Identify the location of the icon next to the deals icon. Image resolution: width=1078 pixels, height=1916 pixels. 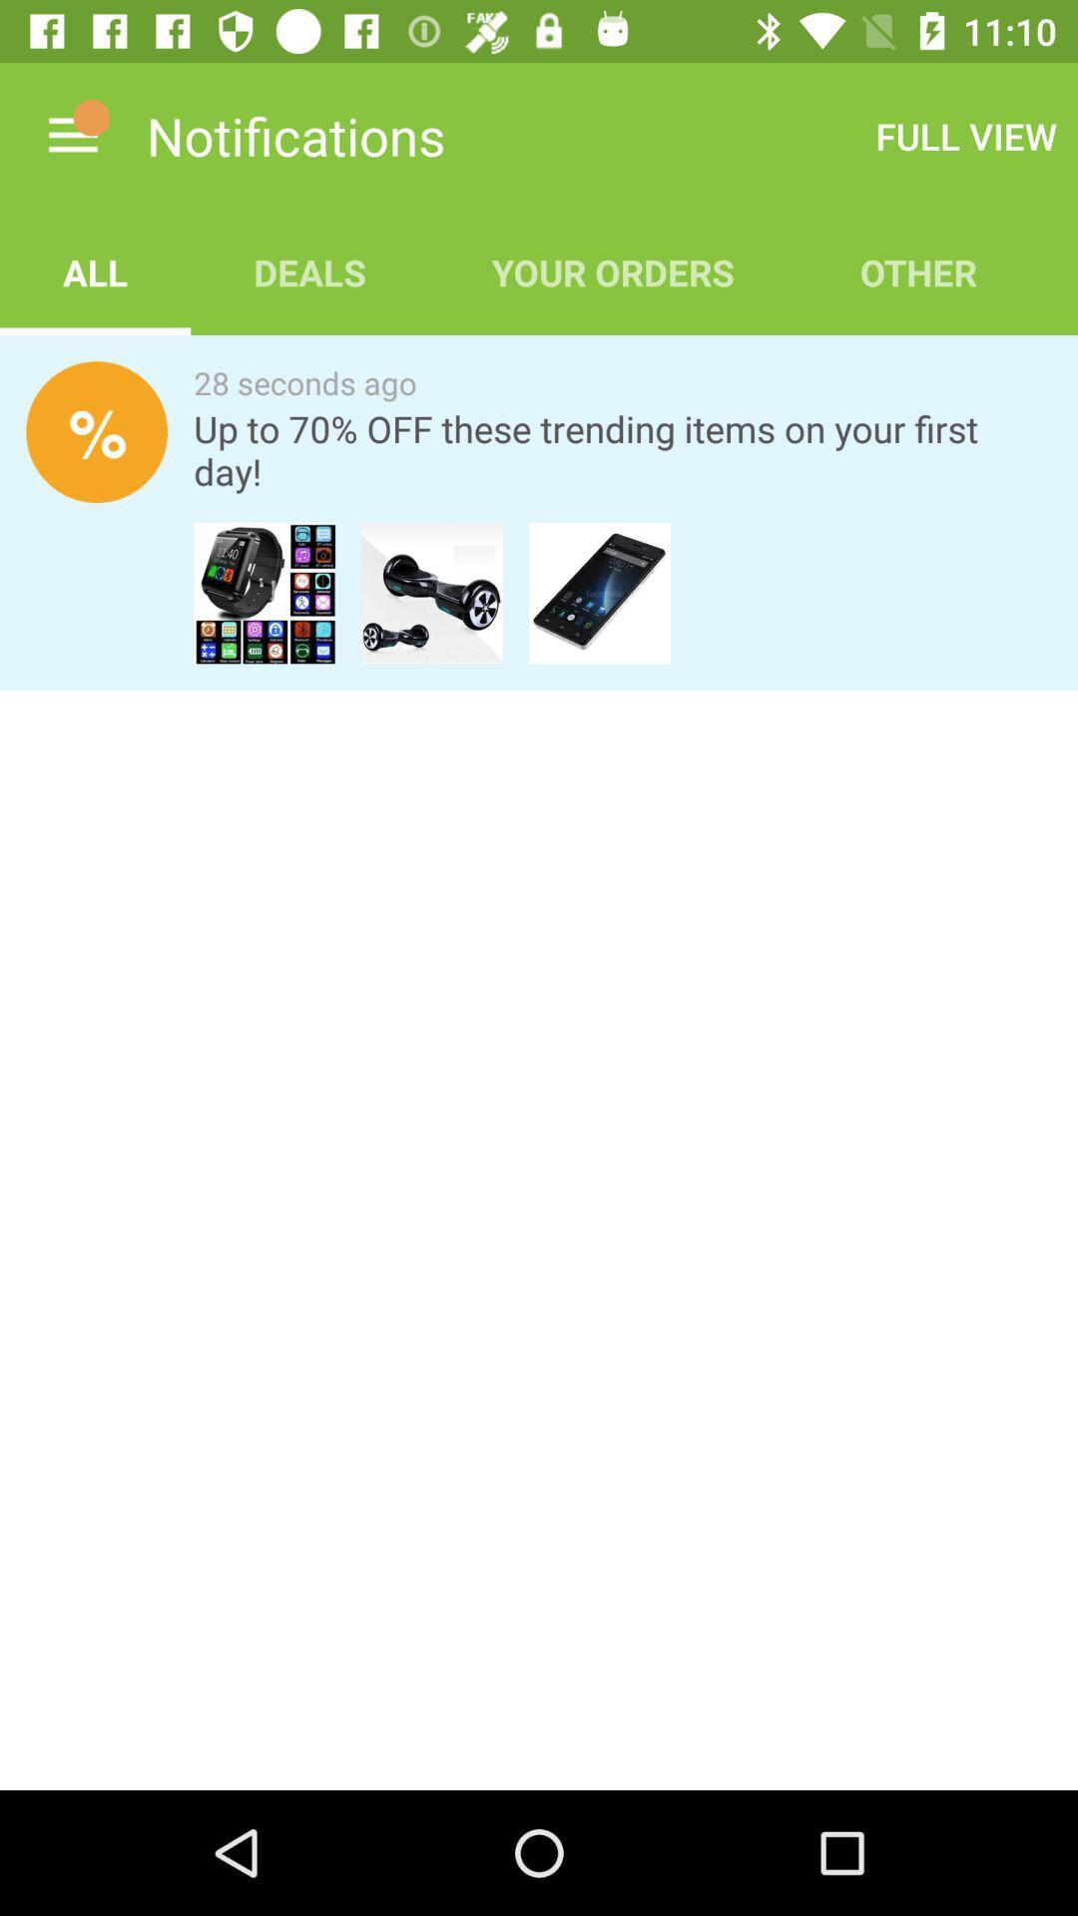
(95, 271).